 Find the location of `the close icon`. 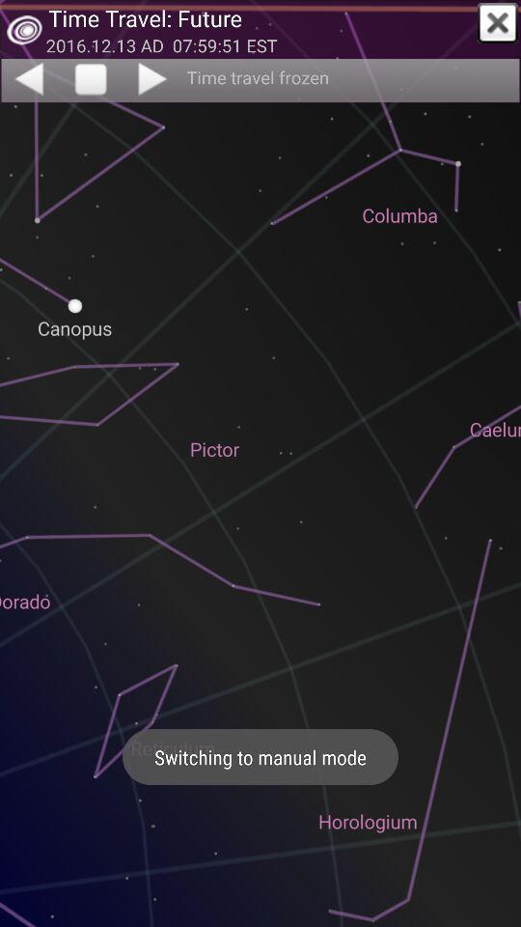

the close icon is located at coordinates (498, 22).